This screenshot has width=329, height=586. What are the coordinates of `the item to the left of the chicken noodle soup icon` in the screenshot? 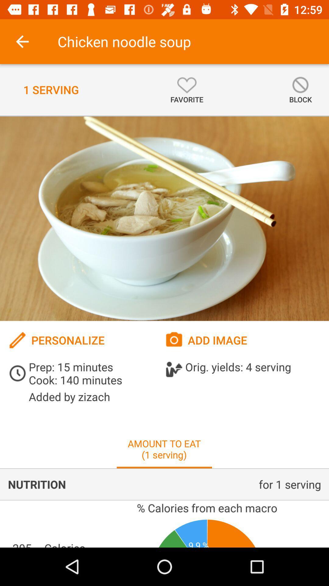 It's located at (22, 41).